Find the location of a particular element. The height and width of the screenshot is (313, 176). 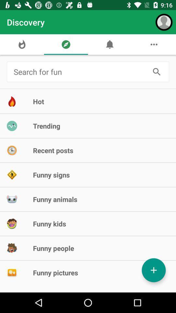

the item at the bottom right corner is located at coordinates (154, 270).